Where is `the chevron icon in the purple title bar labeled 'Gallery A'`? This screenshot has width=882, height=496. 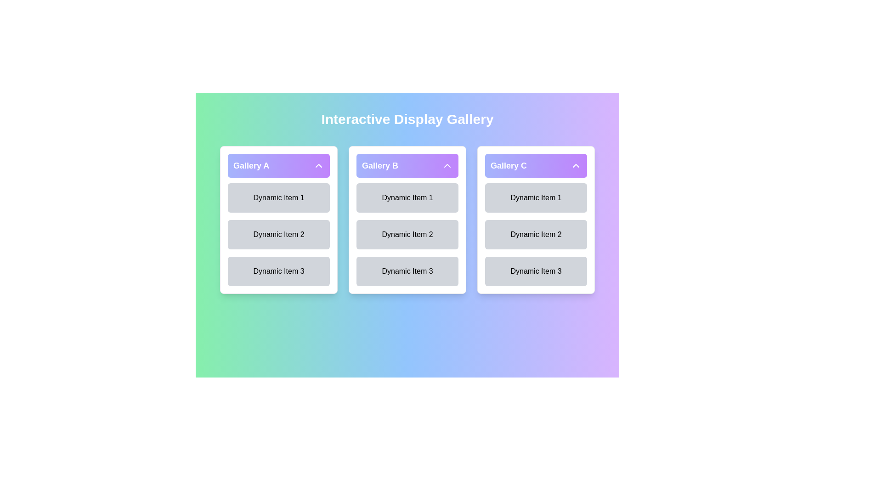
the chevron icon in the purple title bar labeled 'Gallery A' is located at coordinates (319, 166).